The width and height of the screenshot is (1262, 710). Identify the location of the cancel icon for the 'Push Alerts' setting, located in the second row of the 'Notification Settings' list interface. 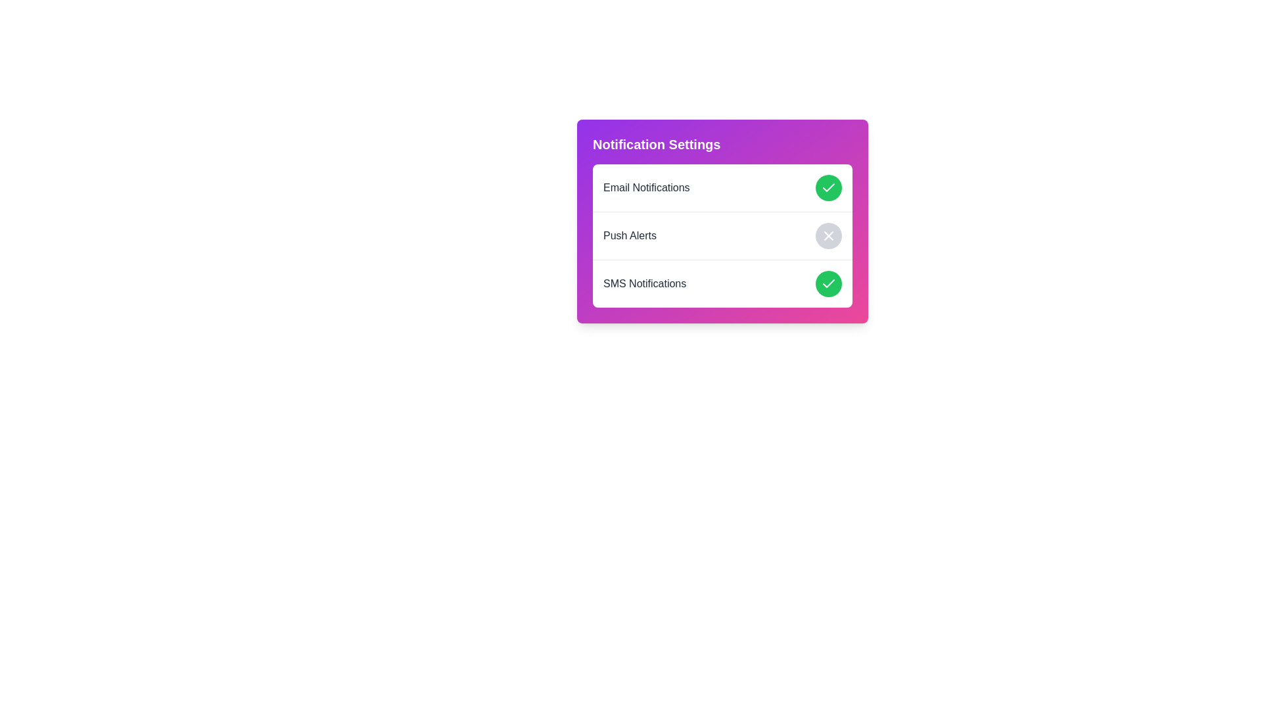
(828, 235).